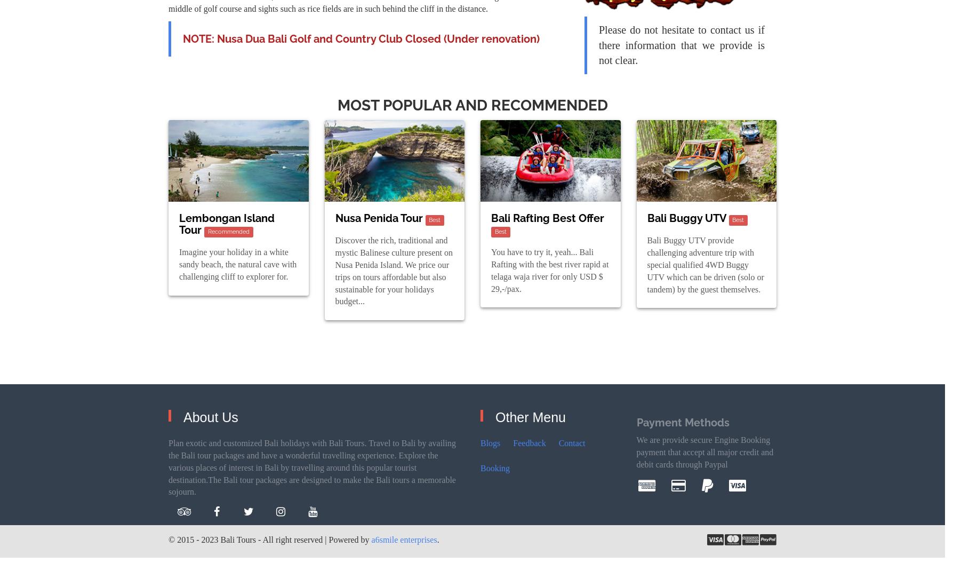 Image resolution: width=953 pixels, height=563 pixels. What do you see at coordinates (270, 539) in the screenshot?
I see `'© 2015 - 2023 Bali Tours - All right reserved | Powered by'` at bounding box center [270, 539].